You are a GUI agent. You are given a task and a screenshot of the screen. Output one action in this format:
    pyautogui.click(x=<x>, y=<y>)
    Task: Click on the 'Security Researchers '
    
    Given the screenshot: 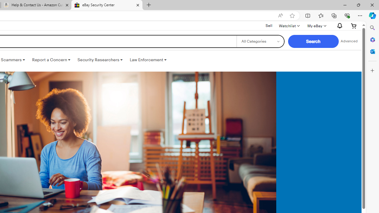 What is the action you would take?
    pyautogui.click(x=100, y=60)
    